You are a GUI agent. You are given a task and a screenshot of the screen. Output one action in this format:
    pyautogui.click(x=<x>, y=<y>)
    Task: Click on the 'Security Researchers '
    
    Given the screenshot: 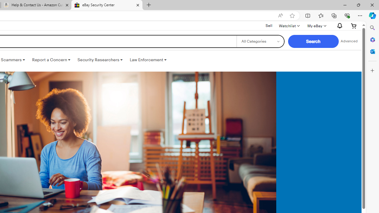 What is the action you would take?
    pyautogui.click(x=100, y=60)
    